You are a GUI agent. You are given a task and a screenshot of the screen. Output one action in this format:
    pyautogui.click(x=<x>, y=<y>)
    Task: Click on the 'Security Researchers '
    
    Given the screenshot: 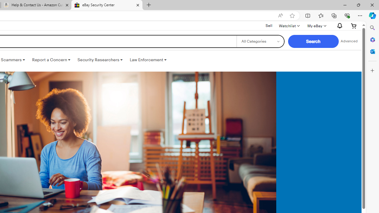 What is the action you would take?
    pyautogui.click(x=100, y=60)
    